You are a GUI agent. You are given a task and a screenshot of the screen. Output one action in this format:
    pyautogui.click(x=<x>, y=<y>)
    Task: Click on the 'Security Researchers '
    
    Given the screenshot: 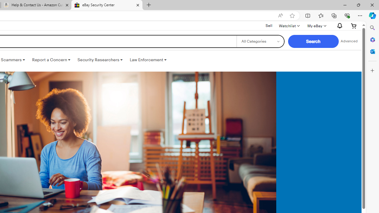 What is the action you would take?
    pyautogui.click(x=100, y=60)
    